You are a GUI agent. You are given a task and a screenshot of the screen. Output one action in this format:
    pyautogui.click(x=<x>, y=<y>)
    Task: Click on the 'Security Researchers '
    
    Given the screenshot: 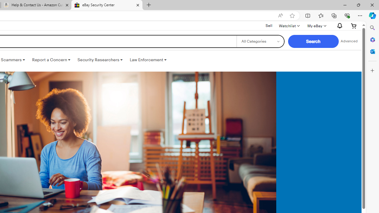 What is the action you would take?
    pyautogui.click(x=100, y=60)
    